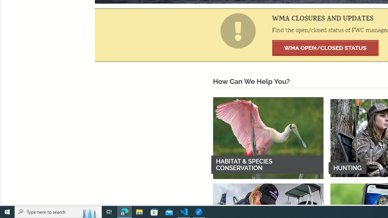 Image resolution: width=388 pixels, height=218 pixels. What do you see at coordinates (325, 48) in the screenshot?
I see `'WMA OPEN/CLOSED STATUS'` at bounding box center [325, 48].